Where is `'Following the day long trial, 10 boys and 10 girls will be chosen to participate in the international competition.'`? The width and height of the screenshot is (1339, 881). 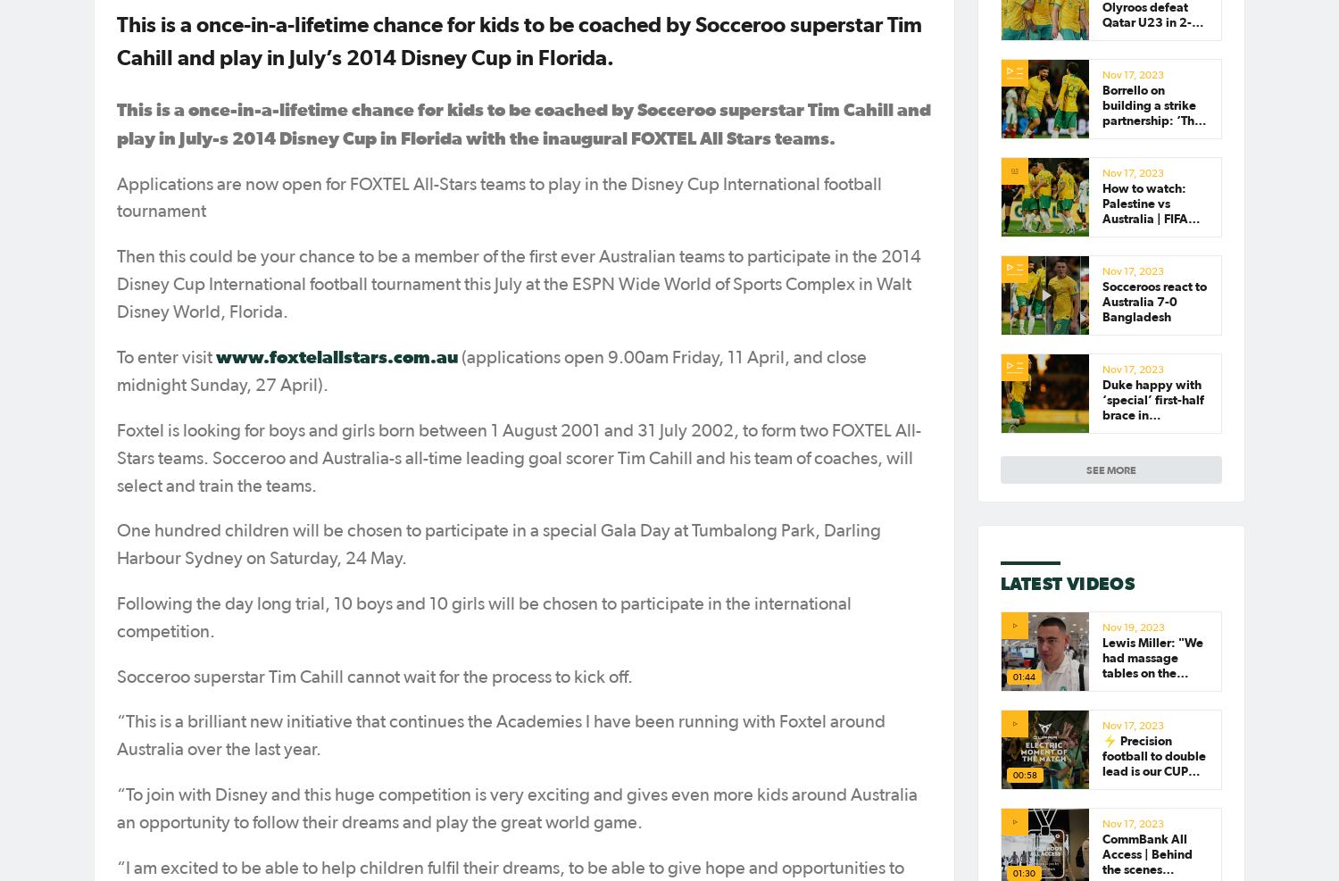
'Following the day long trial, 10 boys and 10 girls will be chosen to participate in the international competition.' is located at coordinates (484, 617).